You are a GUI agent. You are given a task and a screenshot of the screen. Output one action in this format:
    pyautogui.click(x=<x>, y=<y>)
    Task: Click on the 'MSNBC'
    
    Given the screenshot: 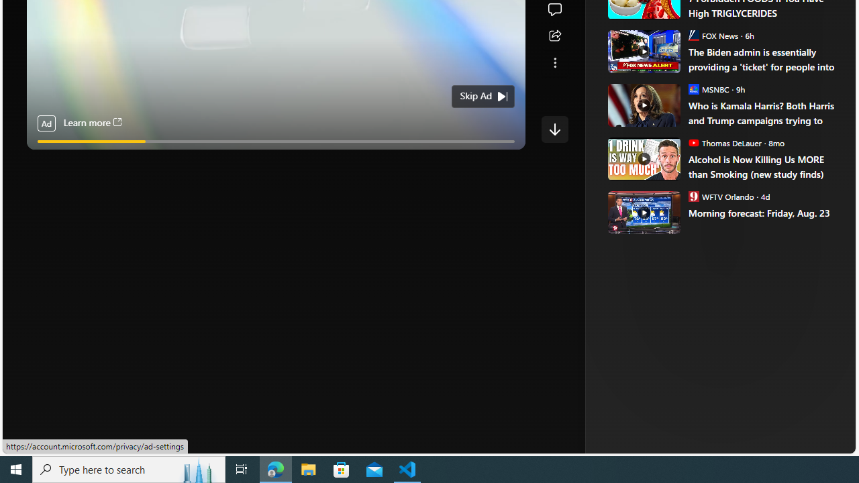 What is the action you would take?
    pyautogui.click(x=693, y=89)
    